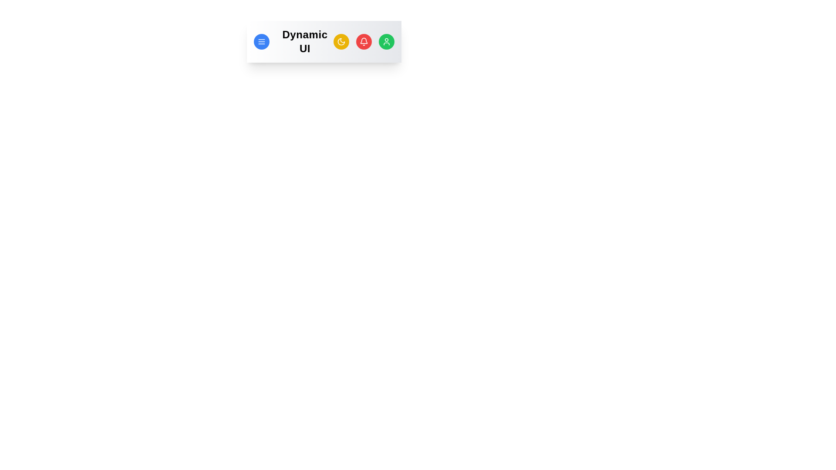 The image size is (836, 470). I want to click on the bell button to trigger the notification action, so click(364, 42).